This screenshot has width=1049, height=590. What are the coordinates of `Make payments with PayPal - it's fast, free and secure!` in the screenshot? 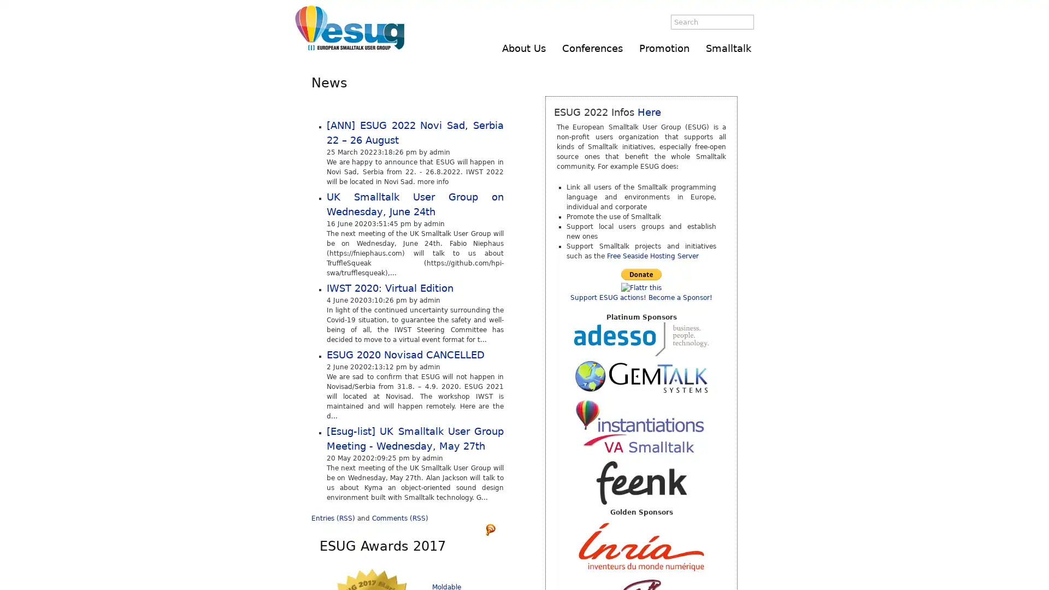 It's located at (641, 274).